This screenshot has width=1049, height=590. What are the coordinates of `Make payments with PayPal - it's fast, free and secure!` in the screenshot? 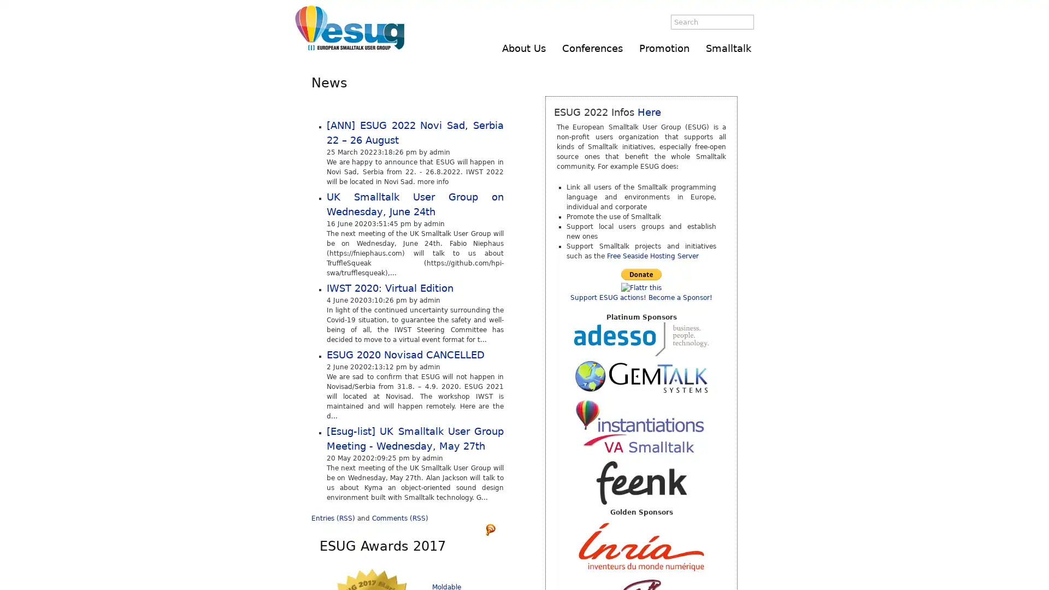 It's located at (641, 274).